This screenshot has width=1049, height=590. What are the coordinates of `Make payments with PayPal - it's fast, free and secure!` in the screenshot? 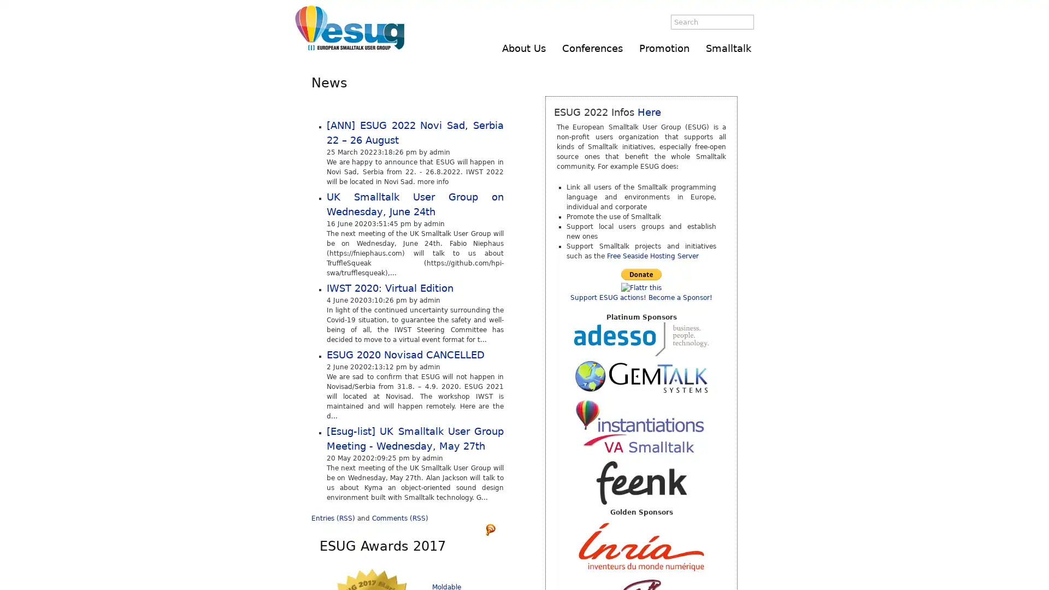 It's located at (641, 274).